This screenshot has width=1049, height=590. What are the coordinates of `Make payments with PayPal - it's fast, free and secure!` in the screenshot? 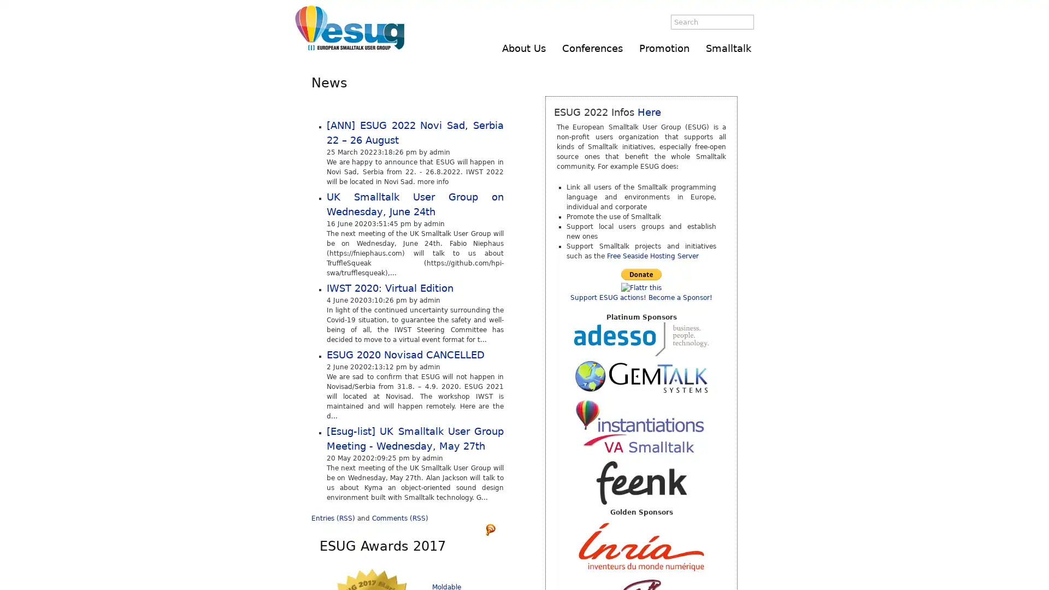 It's located at (641, 274).